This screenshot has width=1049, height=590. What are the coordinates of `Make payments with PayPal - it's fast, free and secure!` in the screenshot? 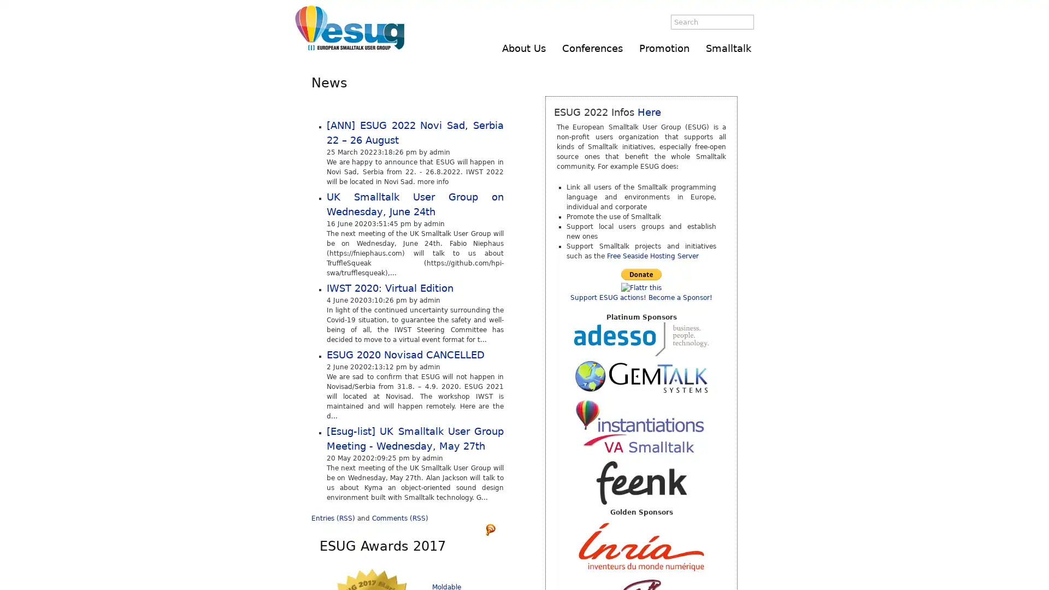 It's located at (641, 274).